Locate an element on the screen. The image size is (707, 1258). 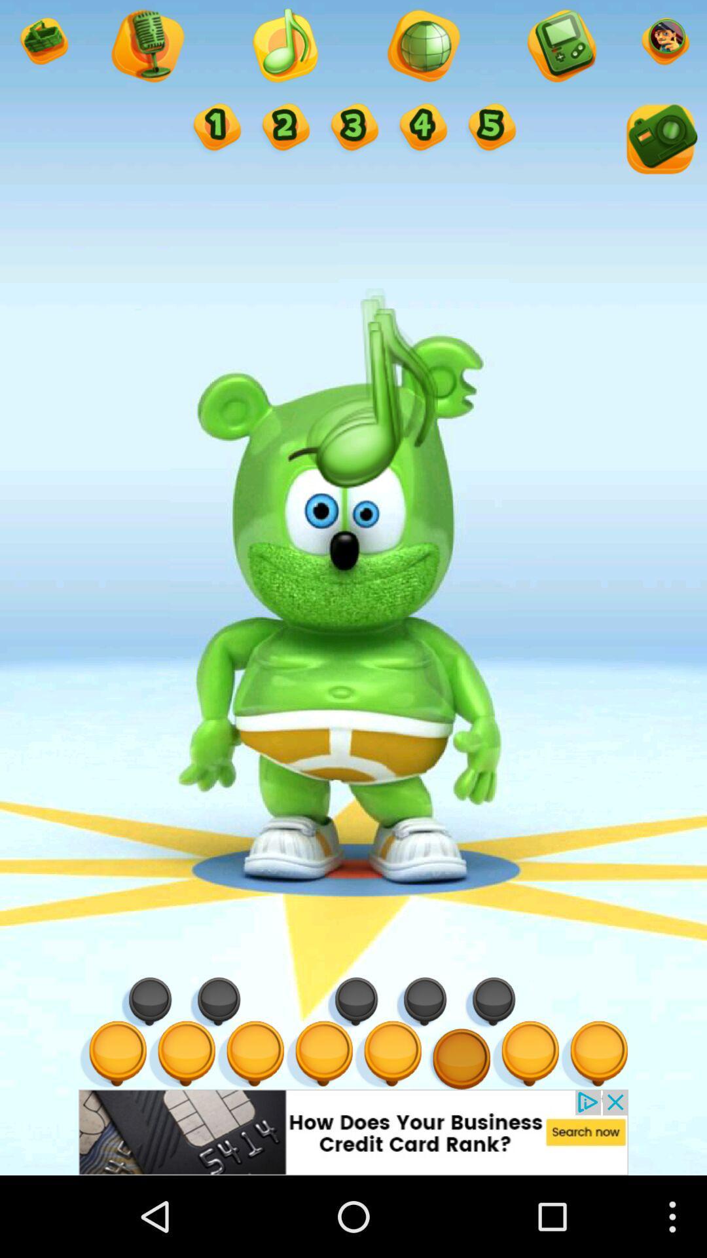
it is number 4 used to select a option as 4 is located at coordinates (422, 128).